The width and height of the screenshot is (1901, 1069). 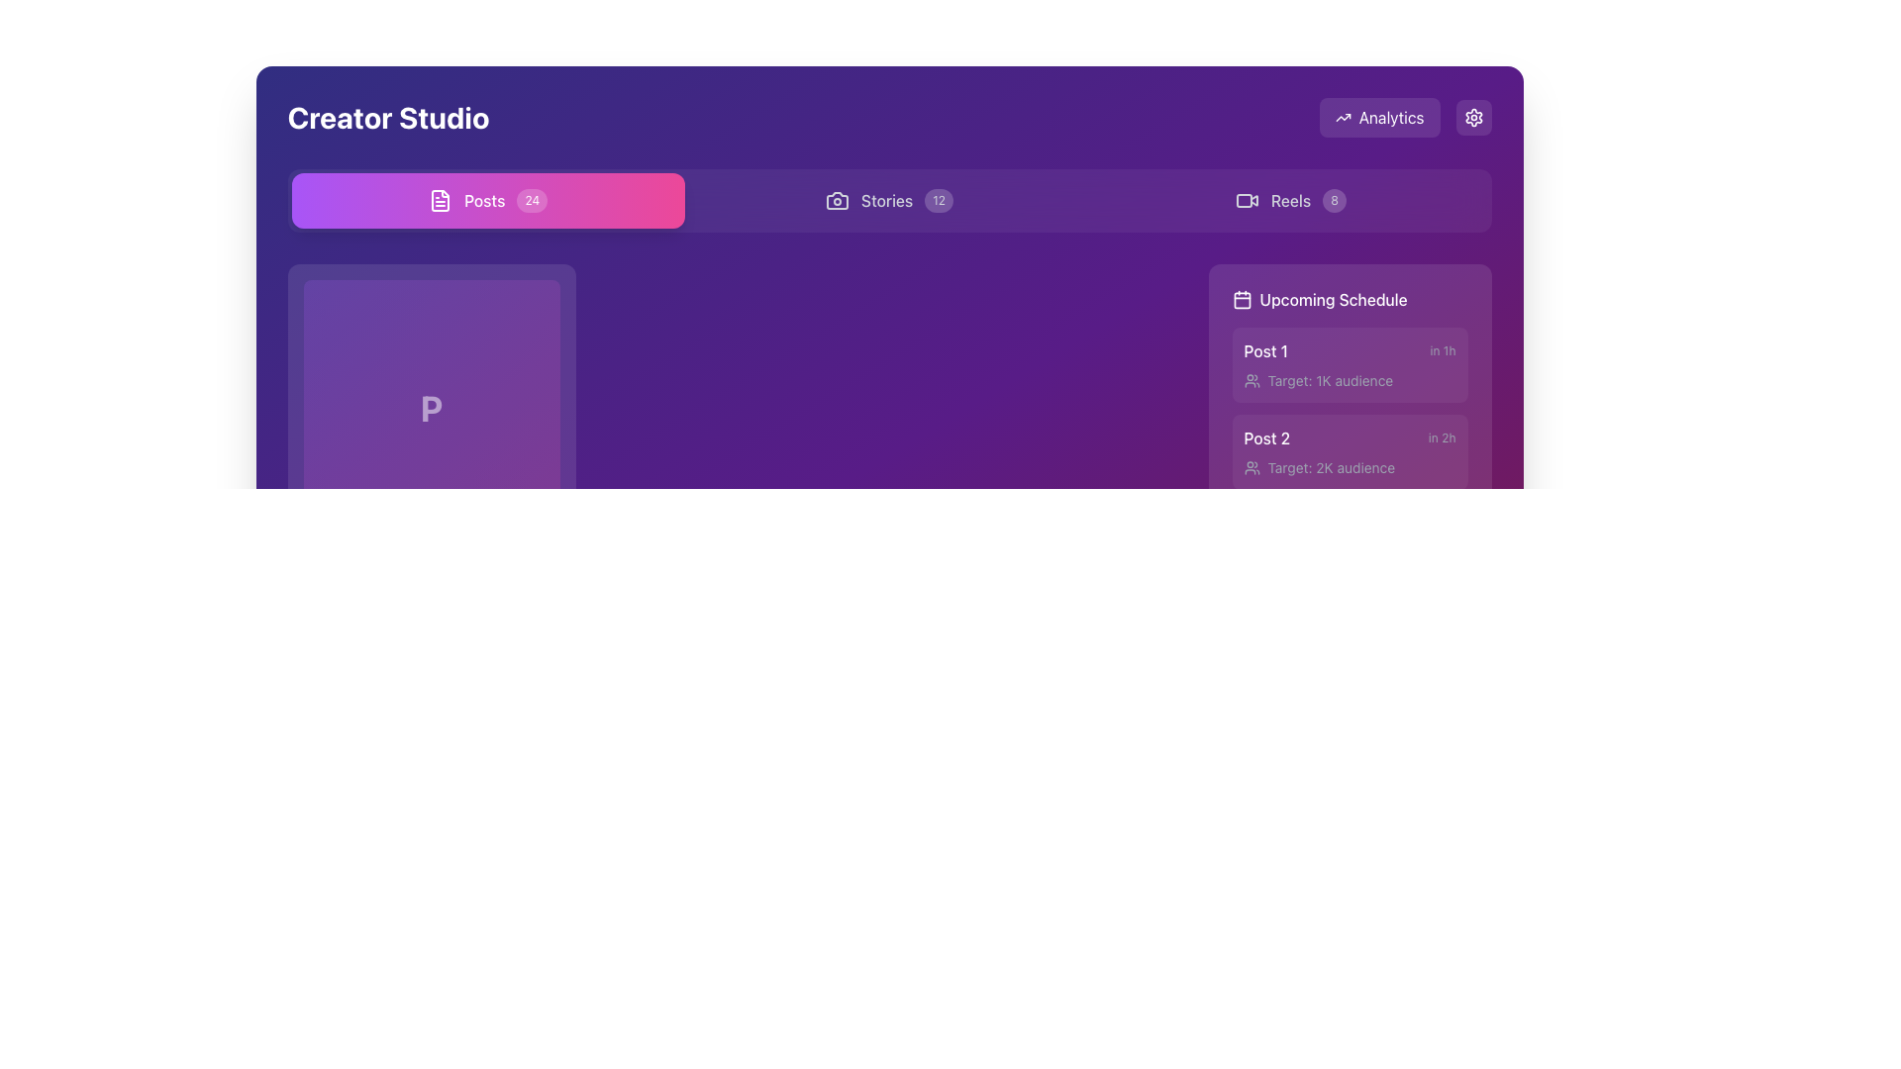 What do you see at coordinates (1335, 201) in the screenshot?
I see `number displayed on the notification badge located to the immediate right of the 'Reels' text in the top navigation bar` at bounding box center [1335, 201].